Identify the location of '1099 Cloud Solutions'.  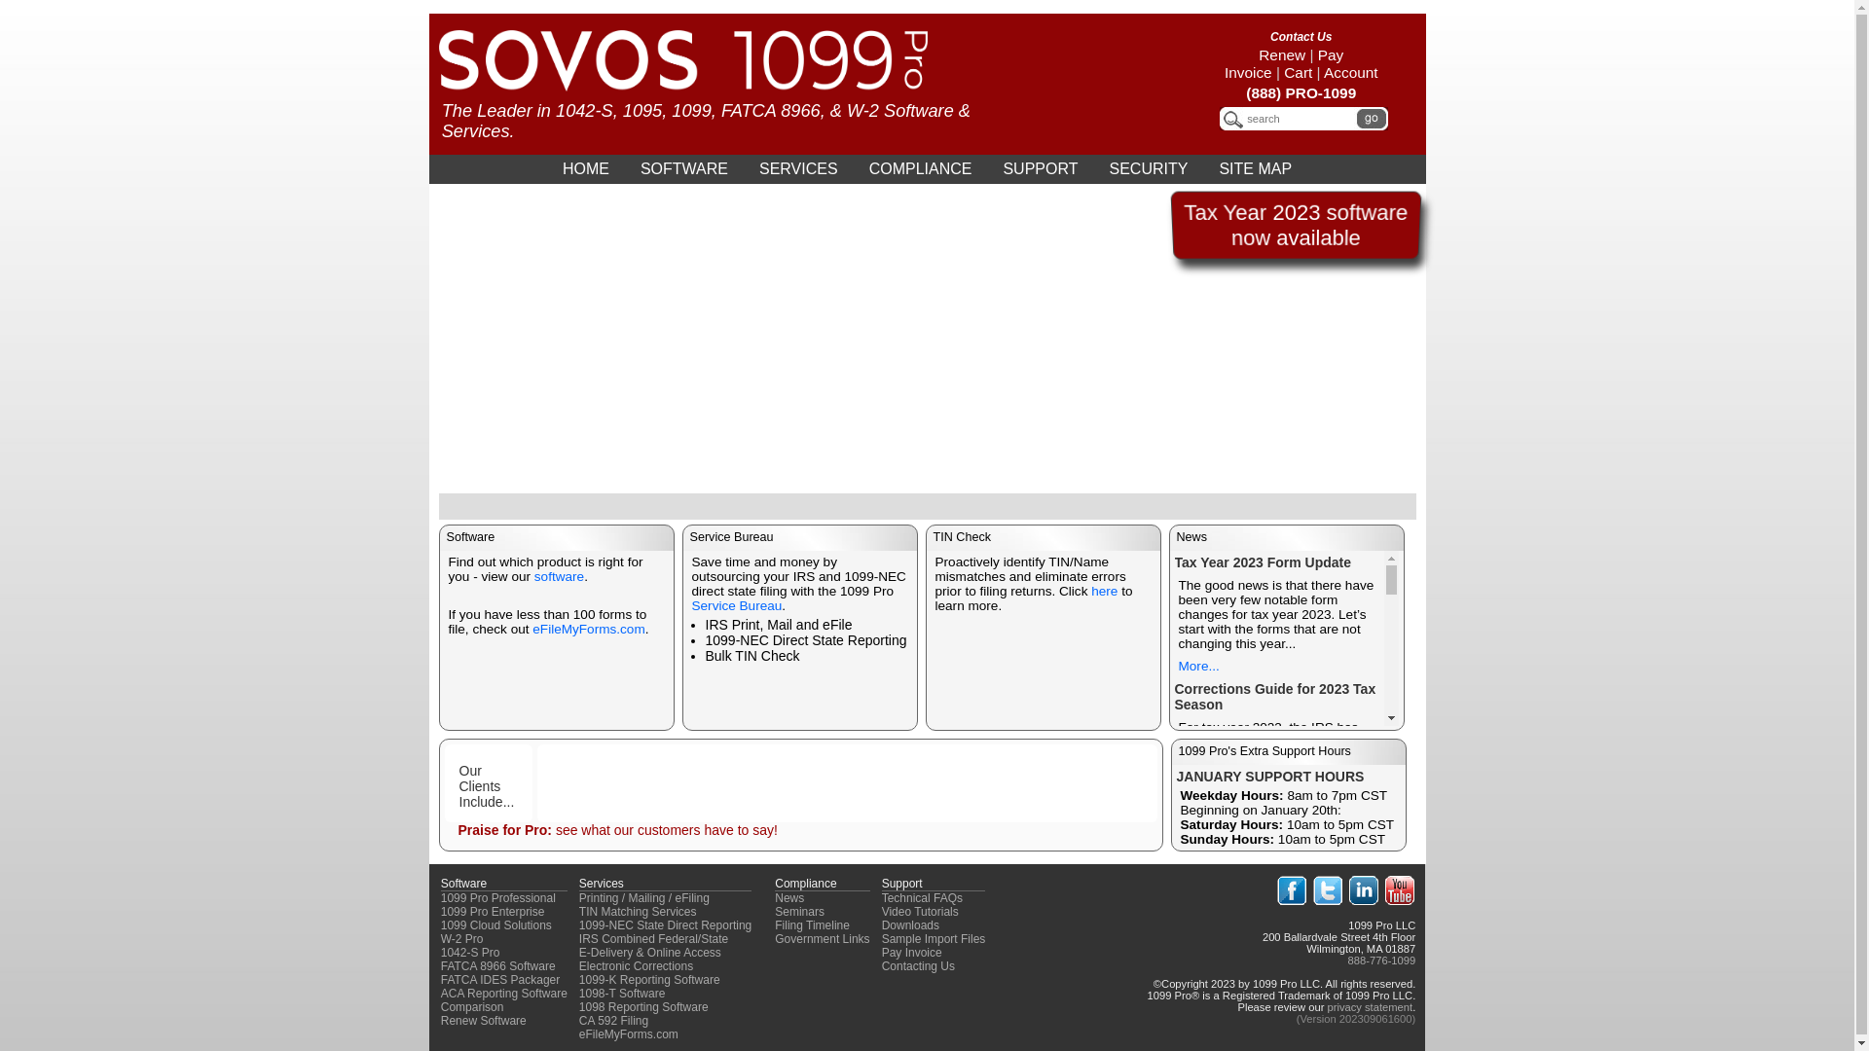
(495, 924).